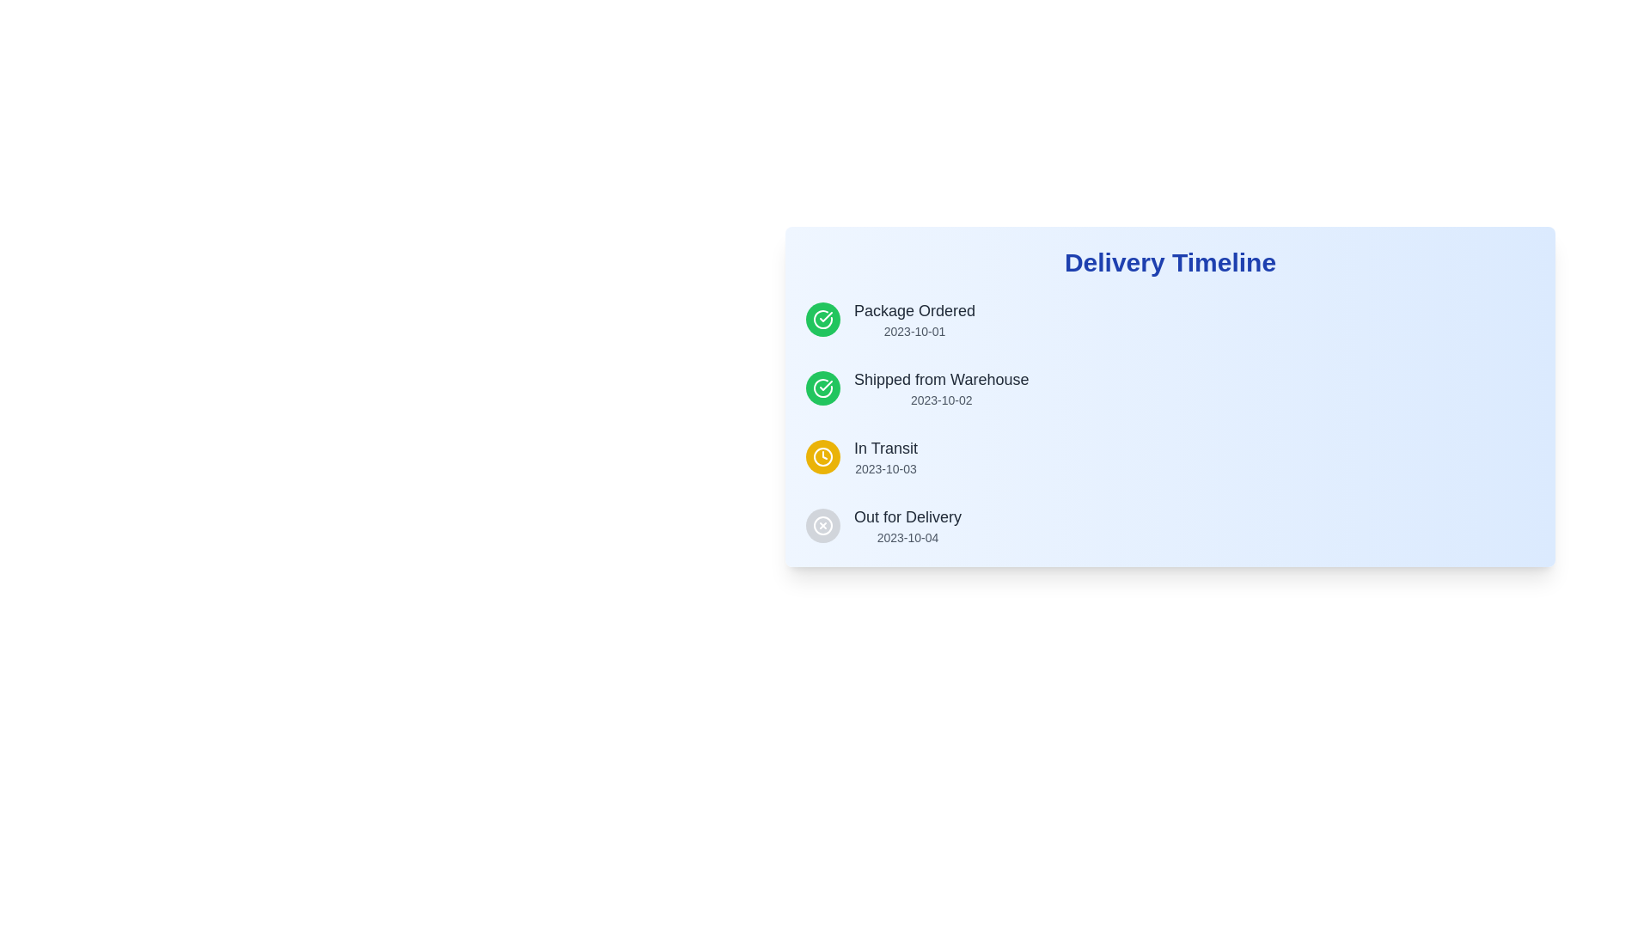 This screenshot has width=1650, height=928. What do you see at coordinates (822, 456) in the screenshot?
I see `the SVG circle representing the 'In Transit' status in the delivery timeline interface, located adjacent to the text 'In Transit' and '2023-10-03'` at bounding box center [822, 456].